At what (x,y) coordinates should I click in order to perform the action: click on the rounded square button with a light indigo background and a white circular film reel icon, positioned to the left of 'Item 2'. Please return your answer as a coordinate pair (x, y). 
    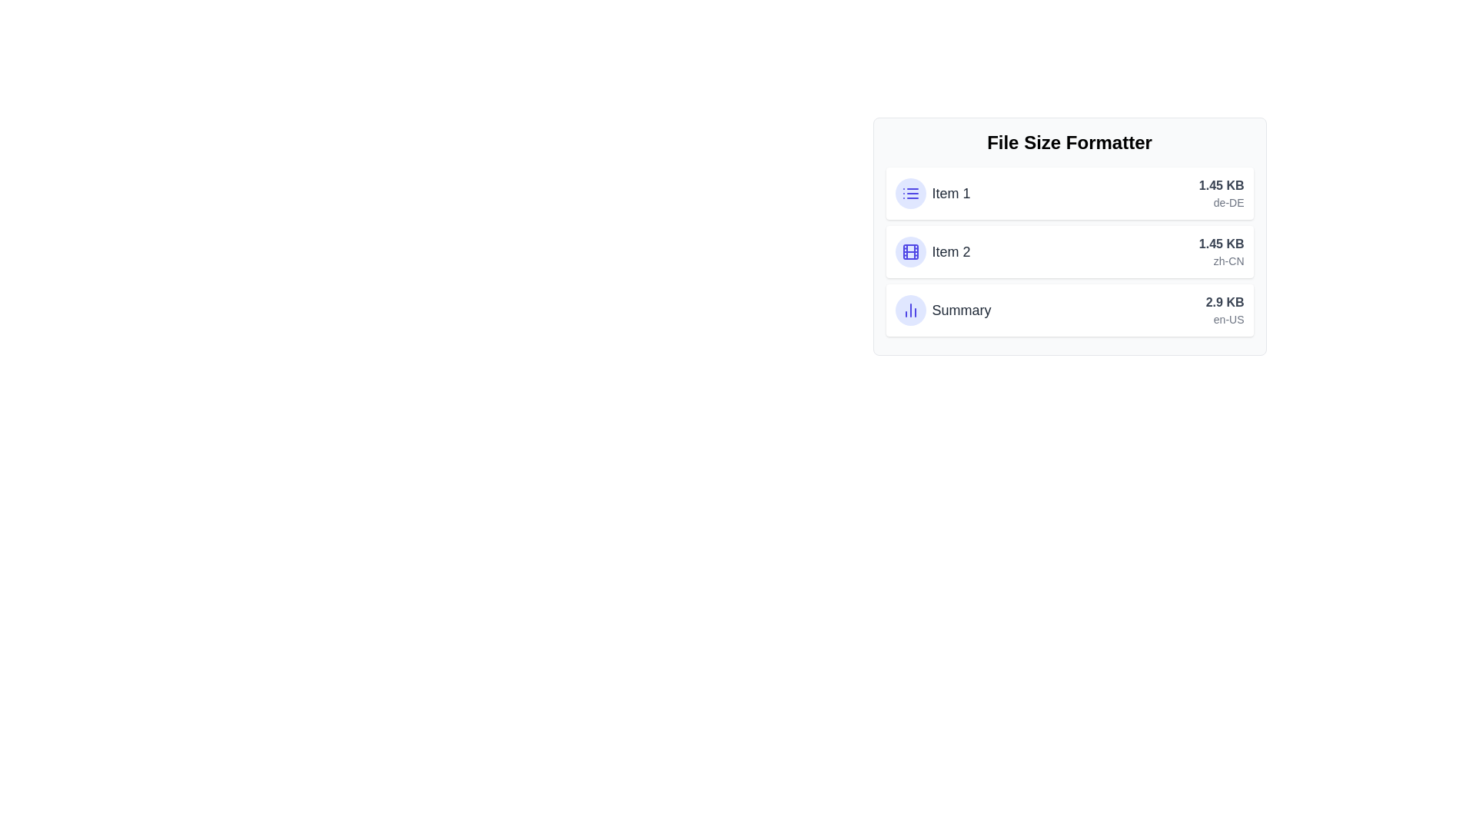
    Looking at the image, I should click on (910, 251).